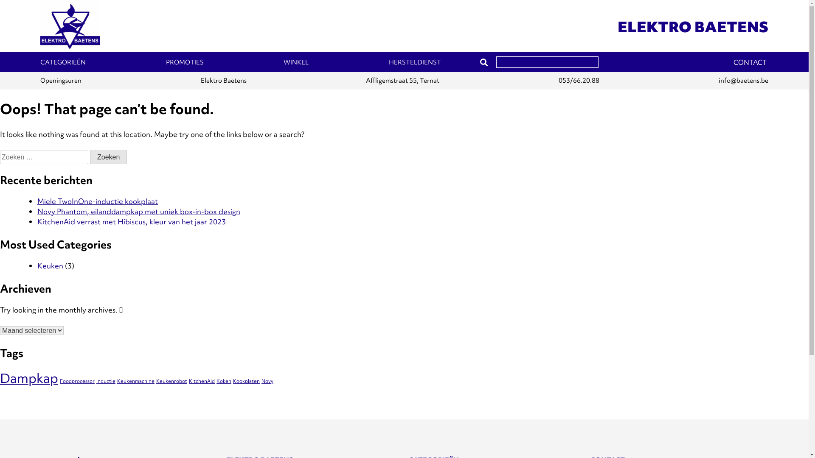 The width and height of the screenshot is (815, 458). What do you see at coordinates (171, 380) in the screenshot?
I see `'Keukenrobot'` at bounding box center [171, 380].